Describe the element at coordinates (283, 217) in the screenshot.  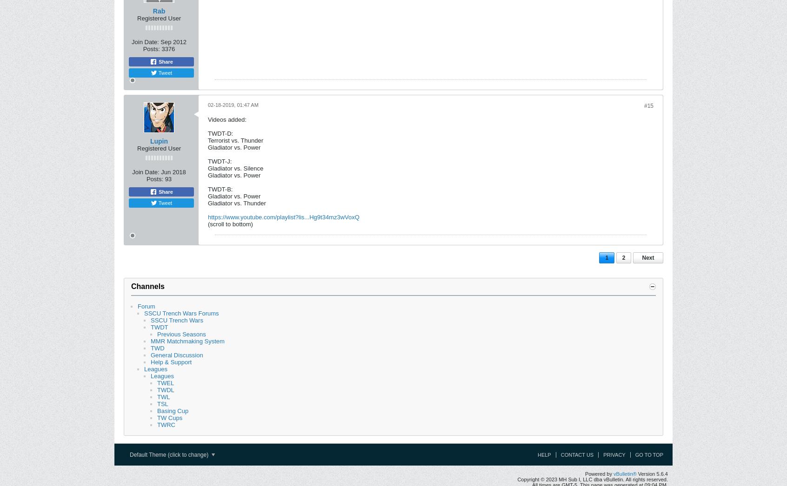
I see `'https://www.youtube.com/playlist?lis...Hg9t34mz3wVoxQ'` at that location.